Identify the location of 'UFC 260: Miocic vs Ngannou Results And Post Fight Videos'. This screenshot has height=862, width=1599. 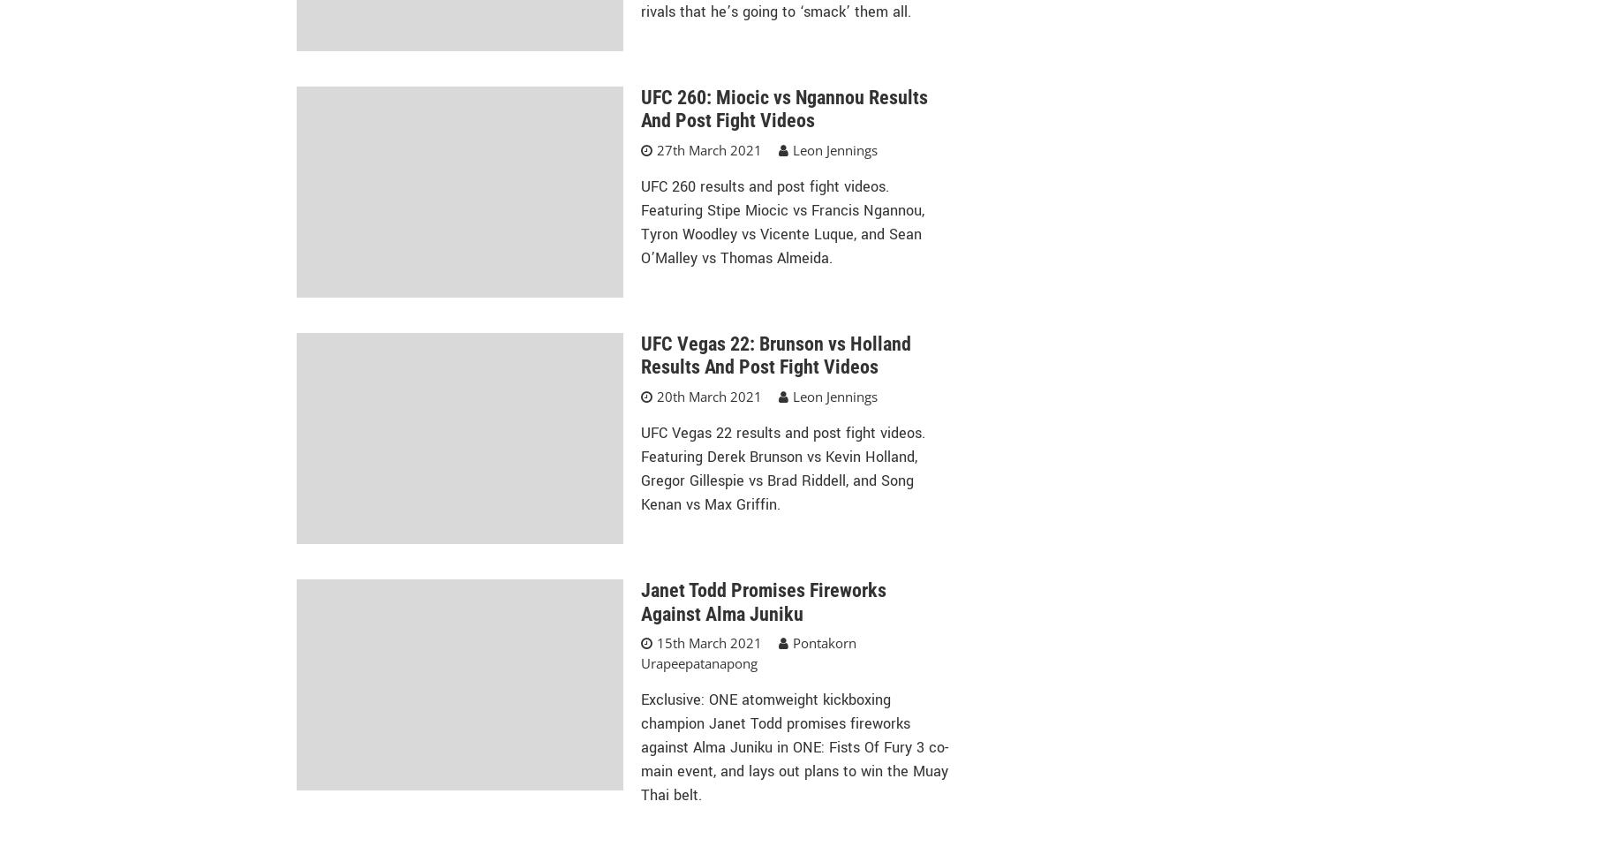
(783, 108).